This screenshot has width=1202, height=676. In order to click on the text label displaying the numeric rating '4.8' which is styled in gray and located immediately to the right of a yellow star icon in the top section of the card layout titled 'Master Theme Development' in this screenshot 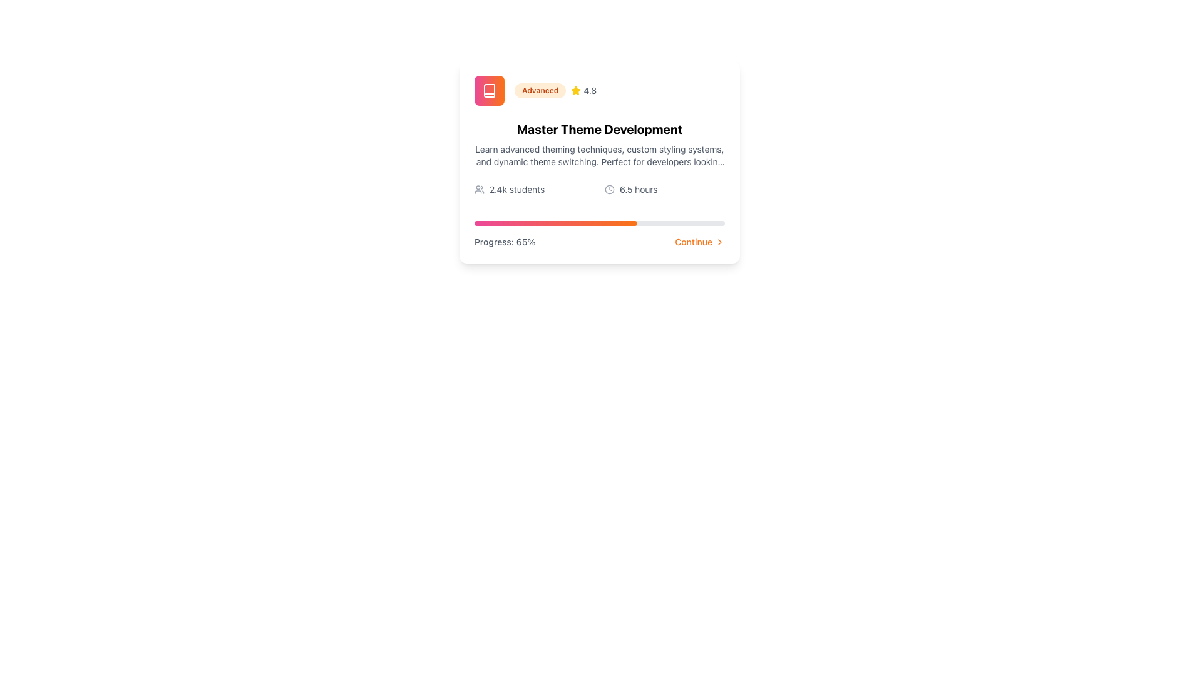, I will do `click(589, 90)`.